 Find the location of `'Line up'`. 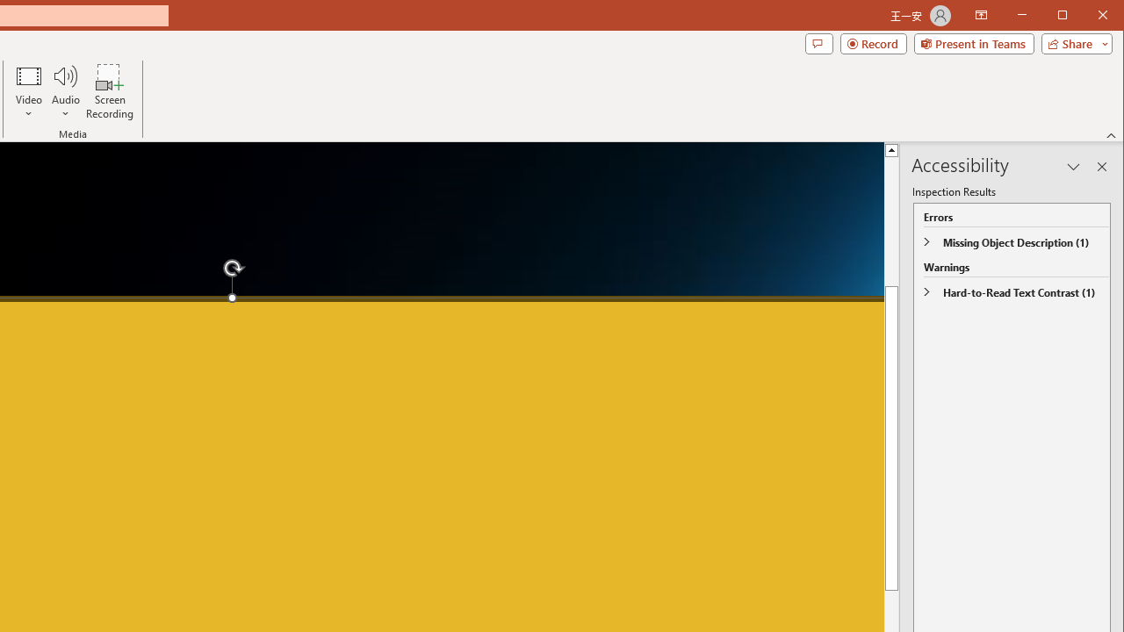

'Line up' is located at coordinates (891, 148).